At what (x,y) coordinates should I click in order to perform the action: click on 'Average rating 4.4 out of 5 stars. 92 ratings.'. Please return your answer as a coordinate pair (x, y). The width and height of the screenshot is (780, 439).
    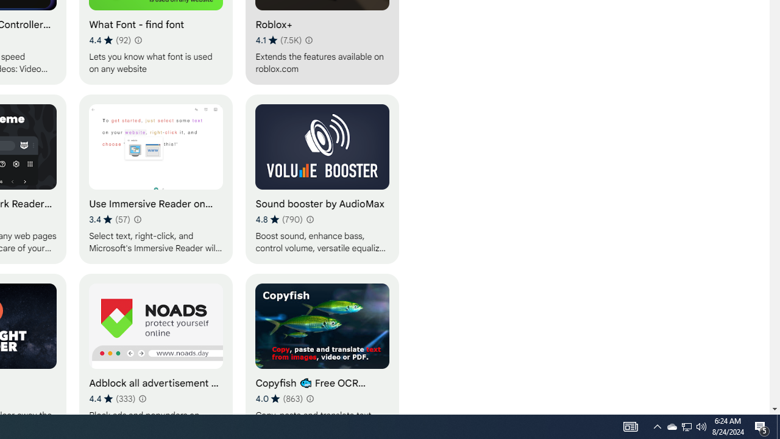
    Looking at the image, I should click on (110, 40).